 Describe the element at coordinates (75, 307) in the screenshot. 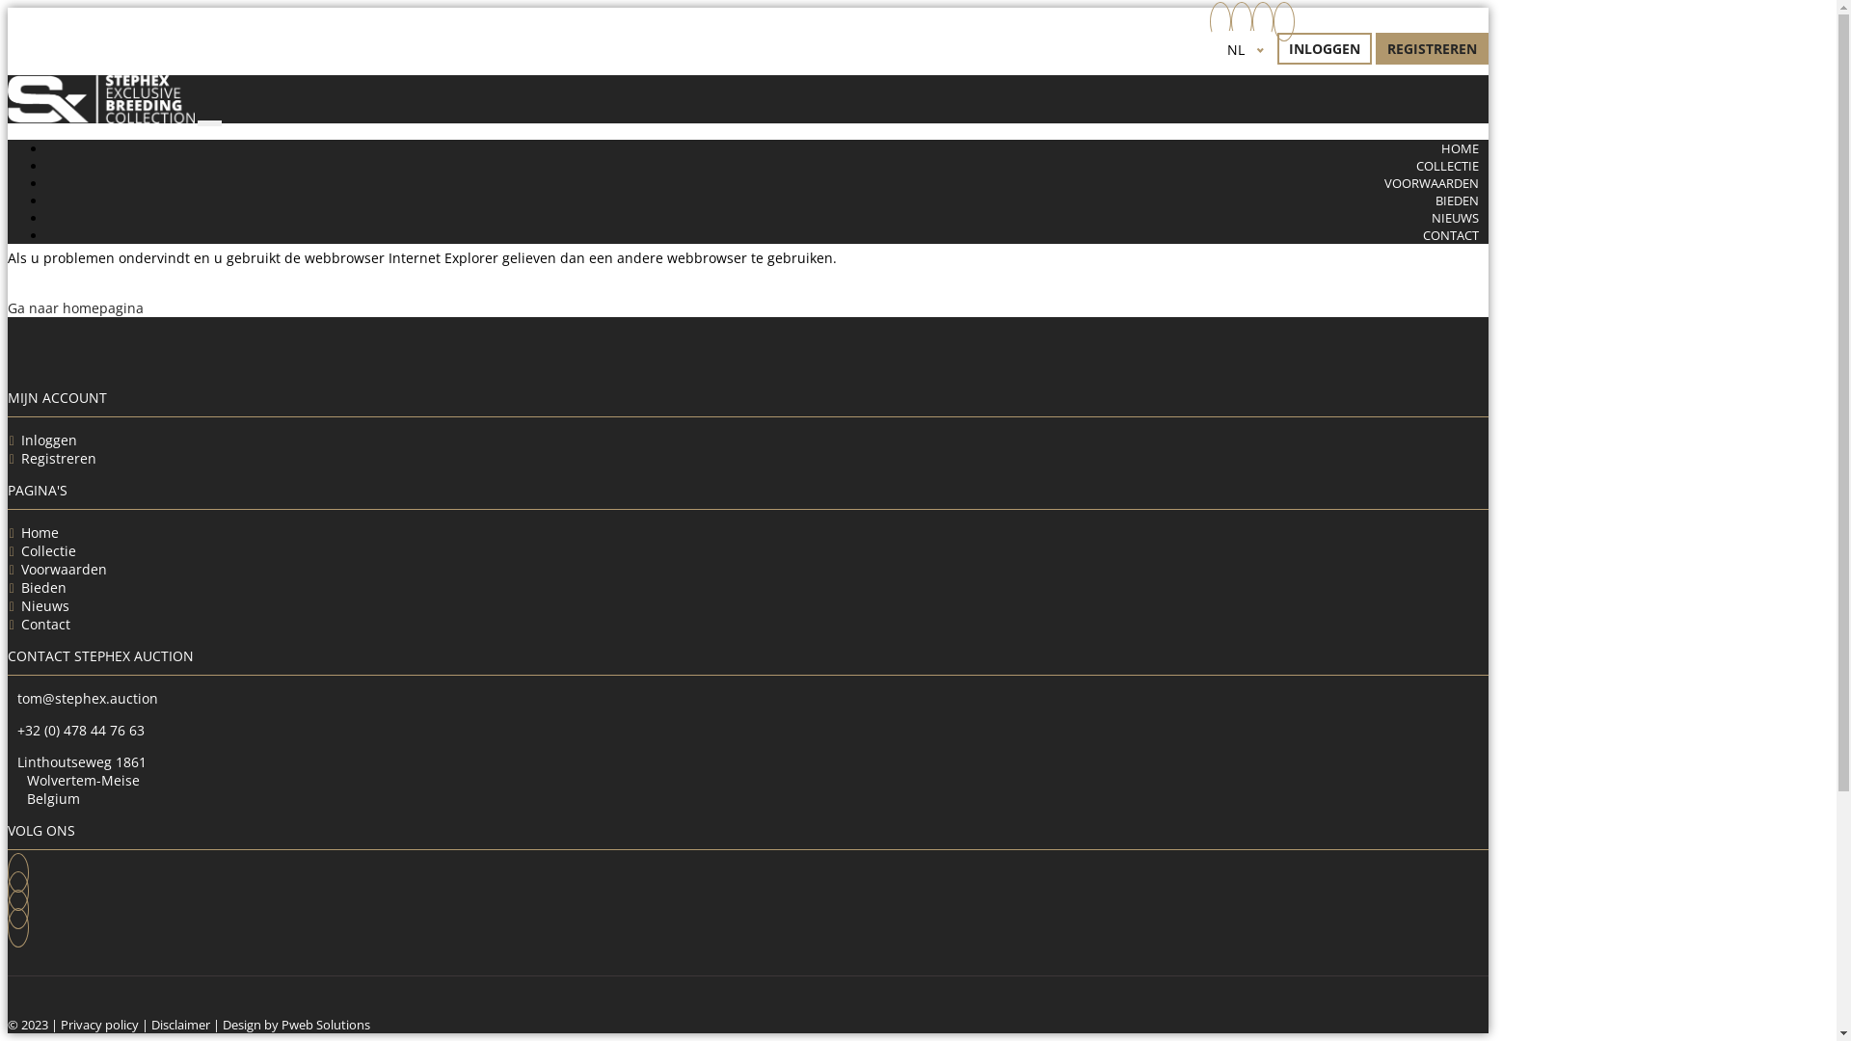

I see `'Ga naar homepagina'` at that location.